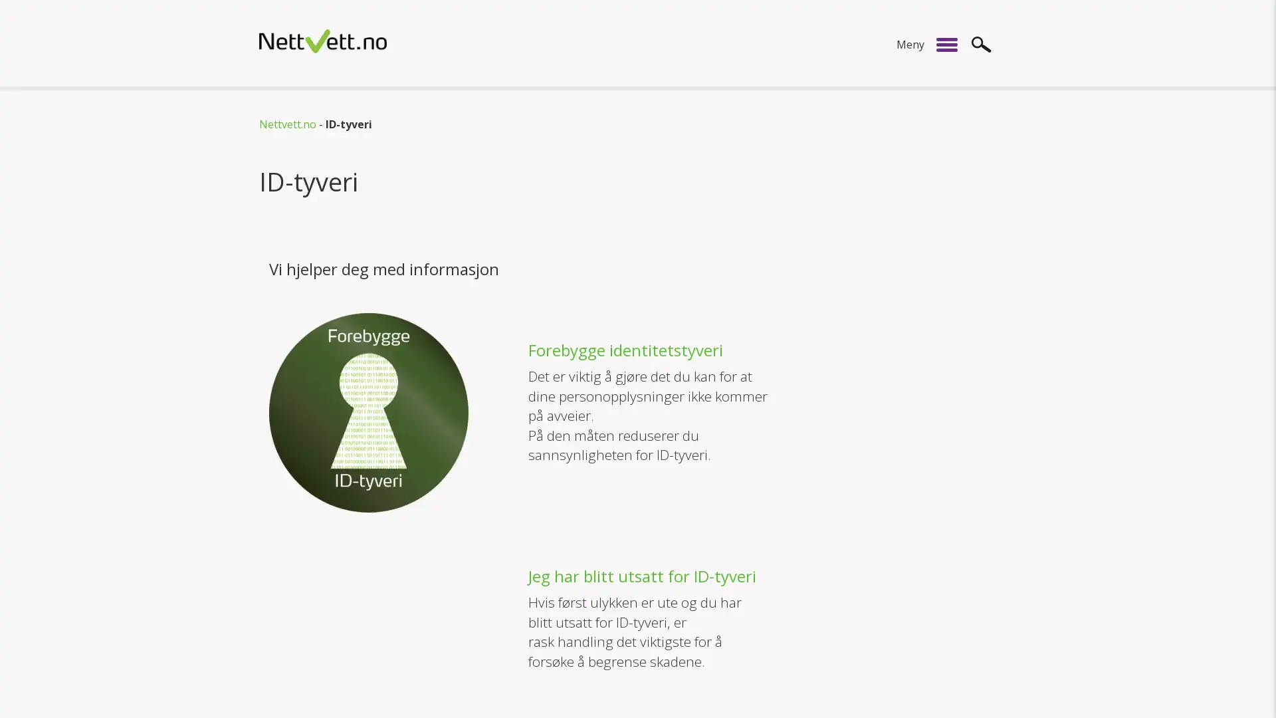 The width and height of the screenshot is (1276, 718). What do you see at coordinates (982, 43) in the screenshot?
I see `Sk` at bounding box center [982, 43].